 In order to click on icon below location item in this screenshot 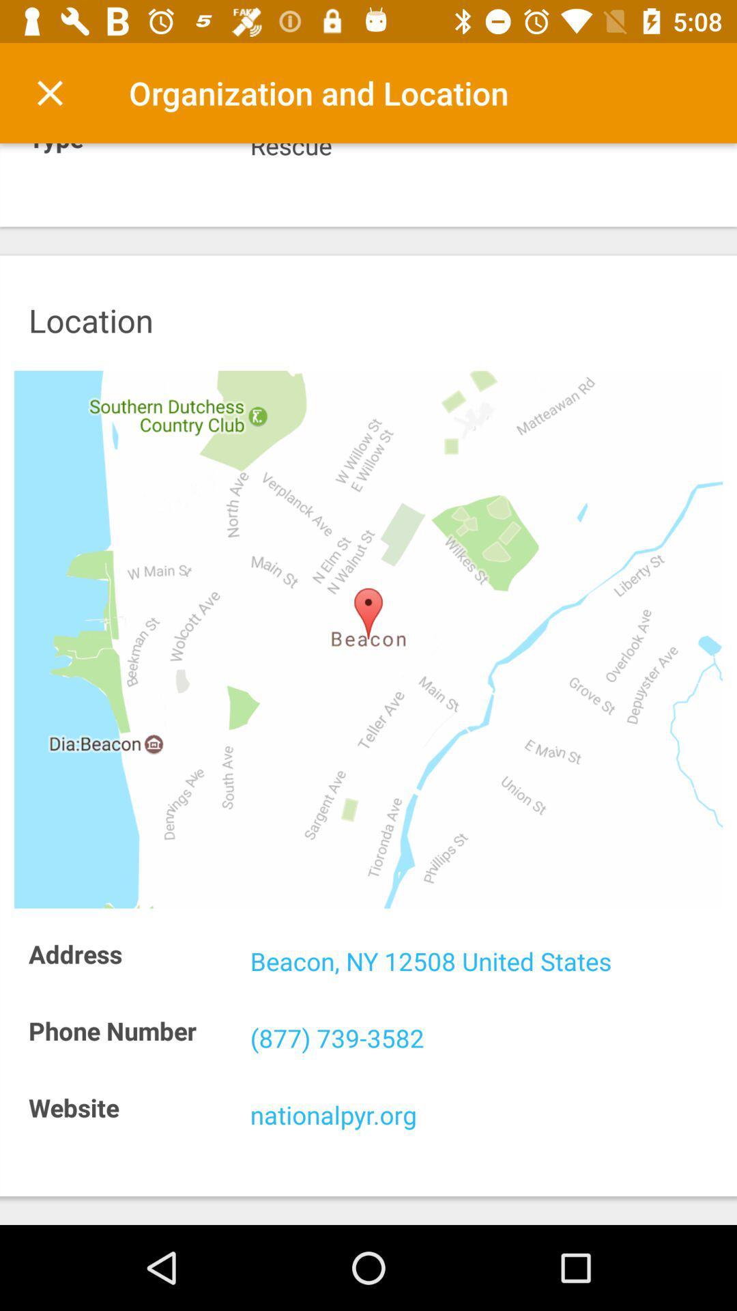, I will do `click(369, 638)`.